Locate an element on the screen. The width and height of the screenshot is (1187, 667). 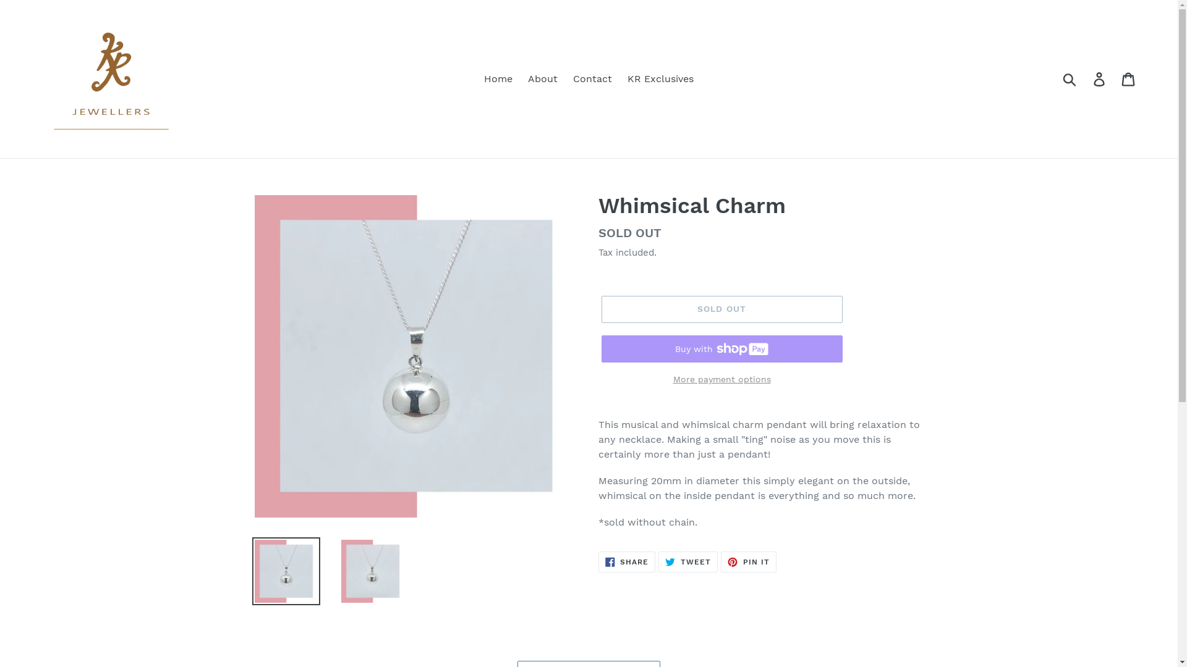
'More payment options' is located at coordinates (721, 379).